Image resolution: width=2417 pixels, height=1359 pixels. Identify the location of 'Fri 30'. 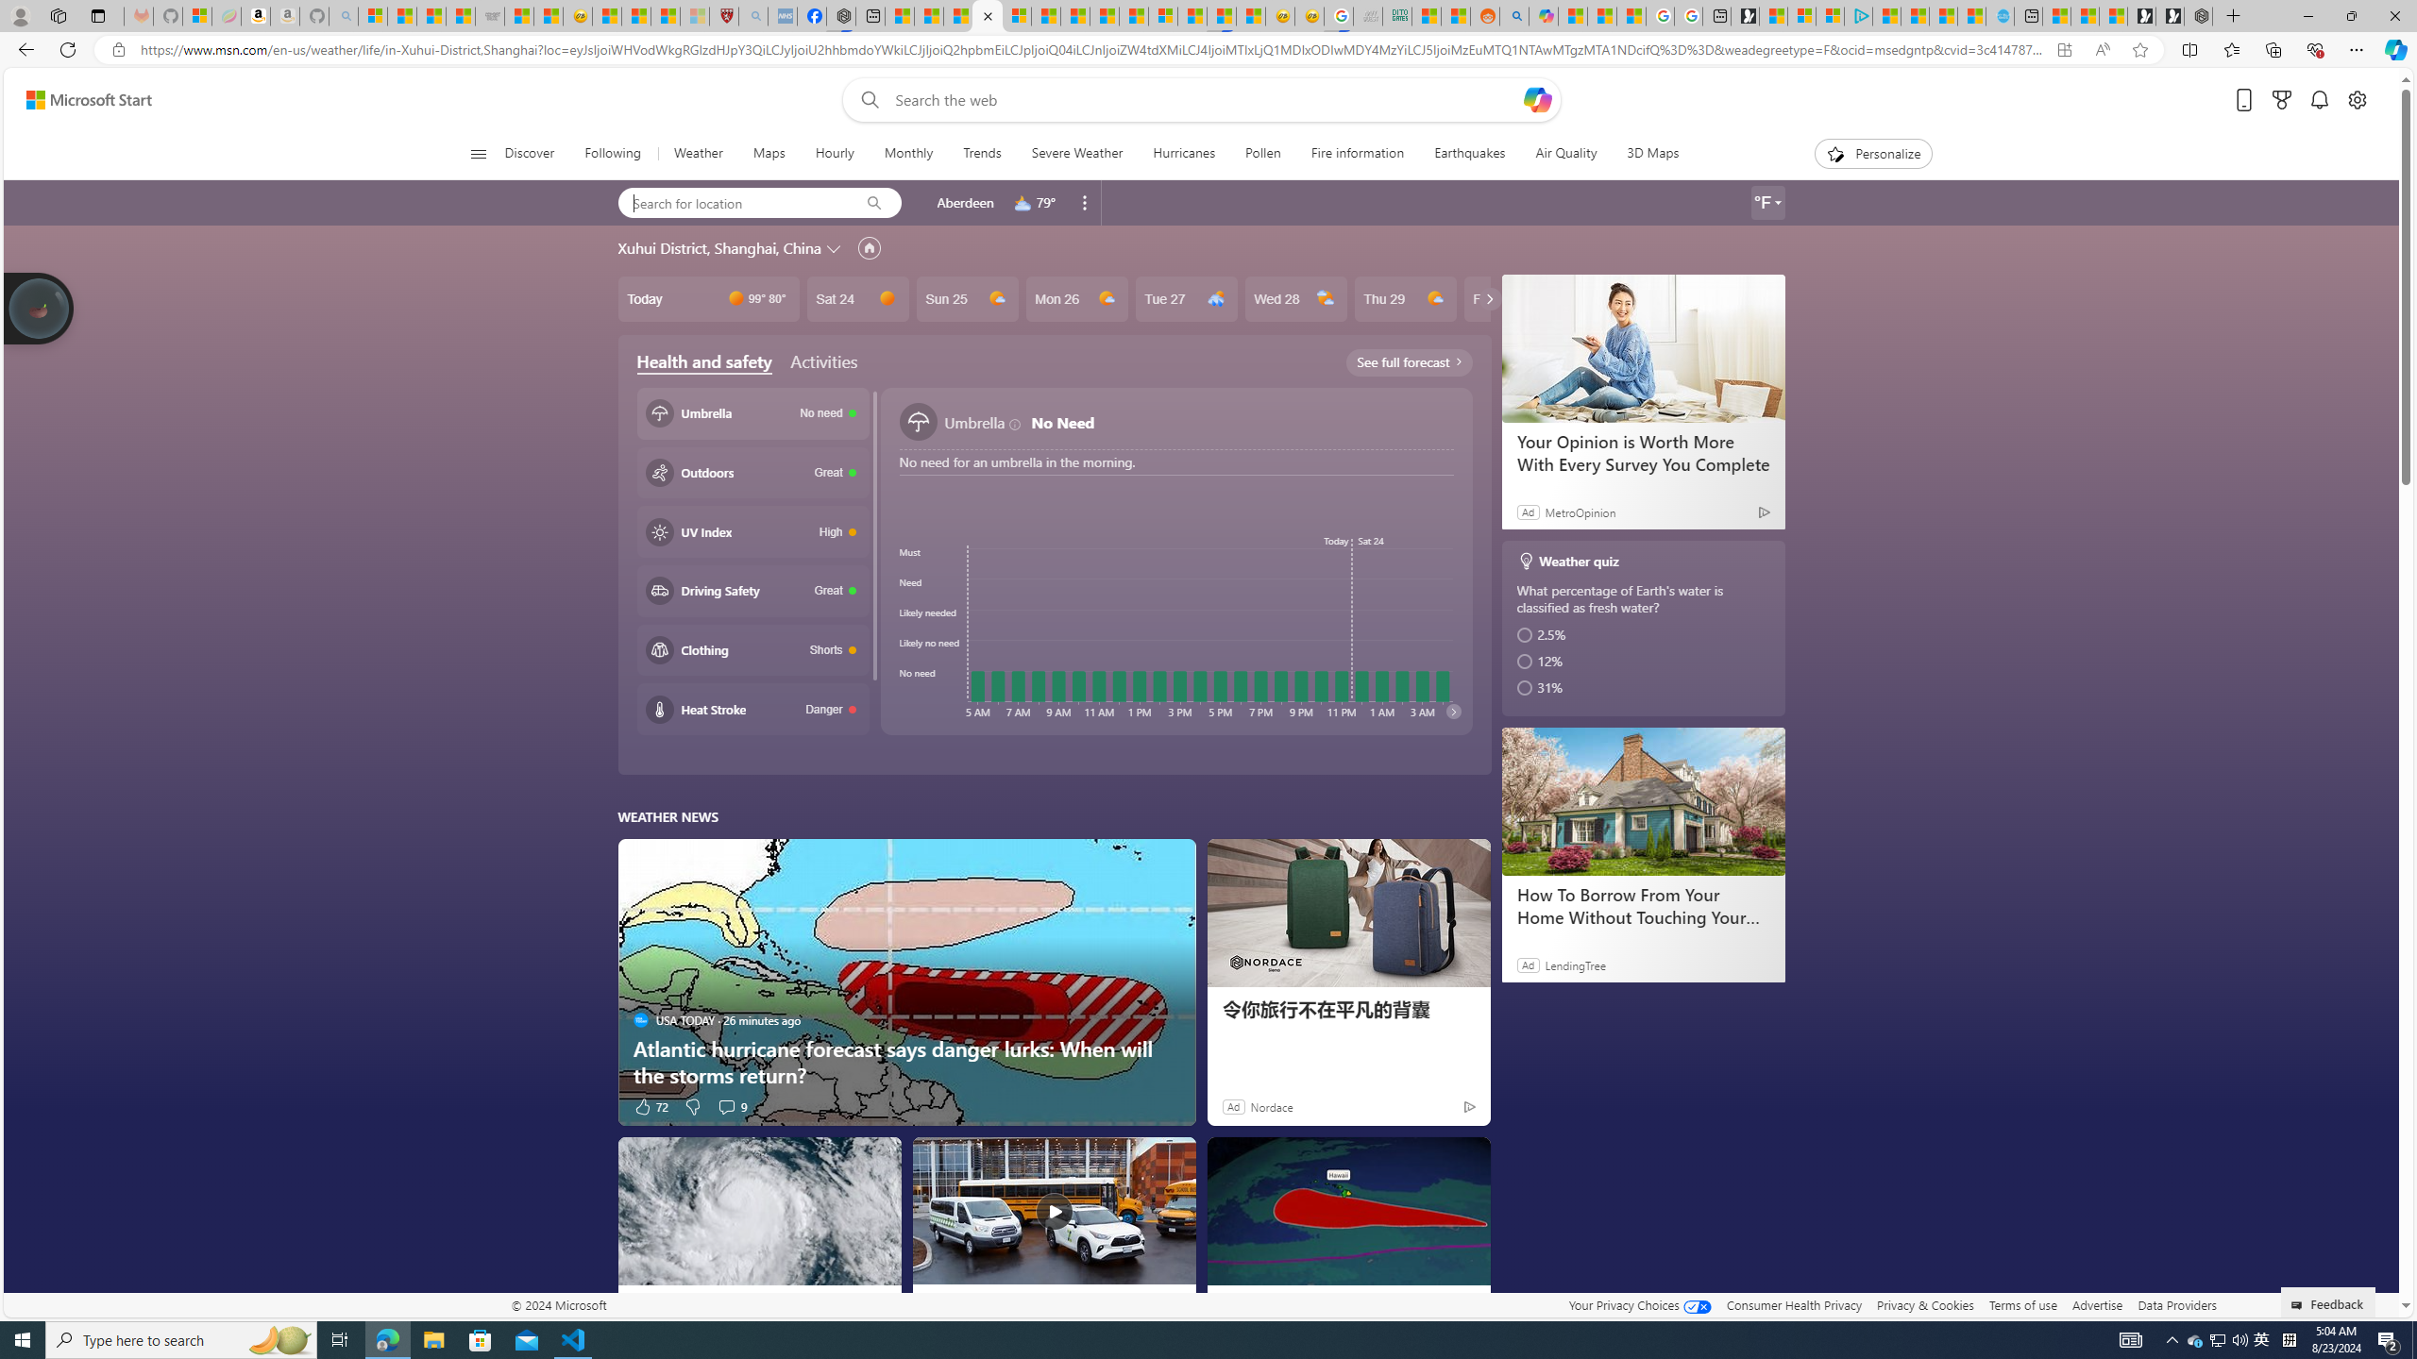
(1513, 297).